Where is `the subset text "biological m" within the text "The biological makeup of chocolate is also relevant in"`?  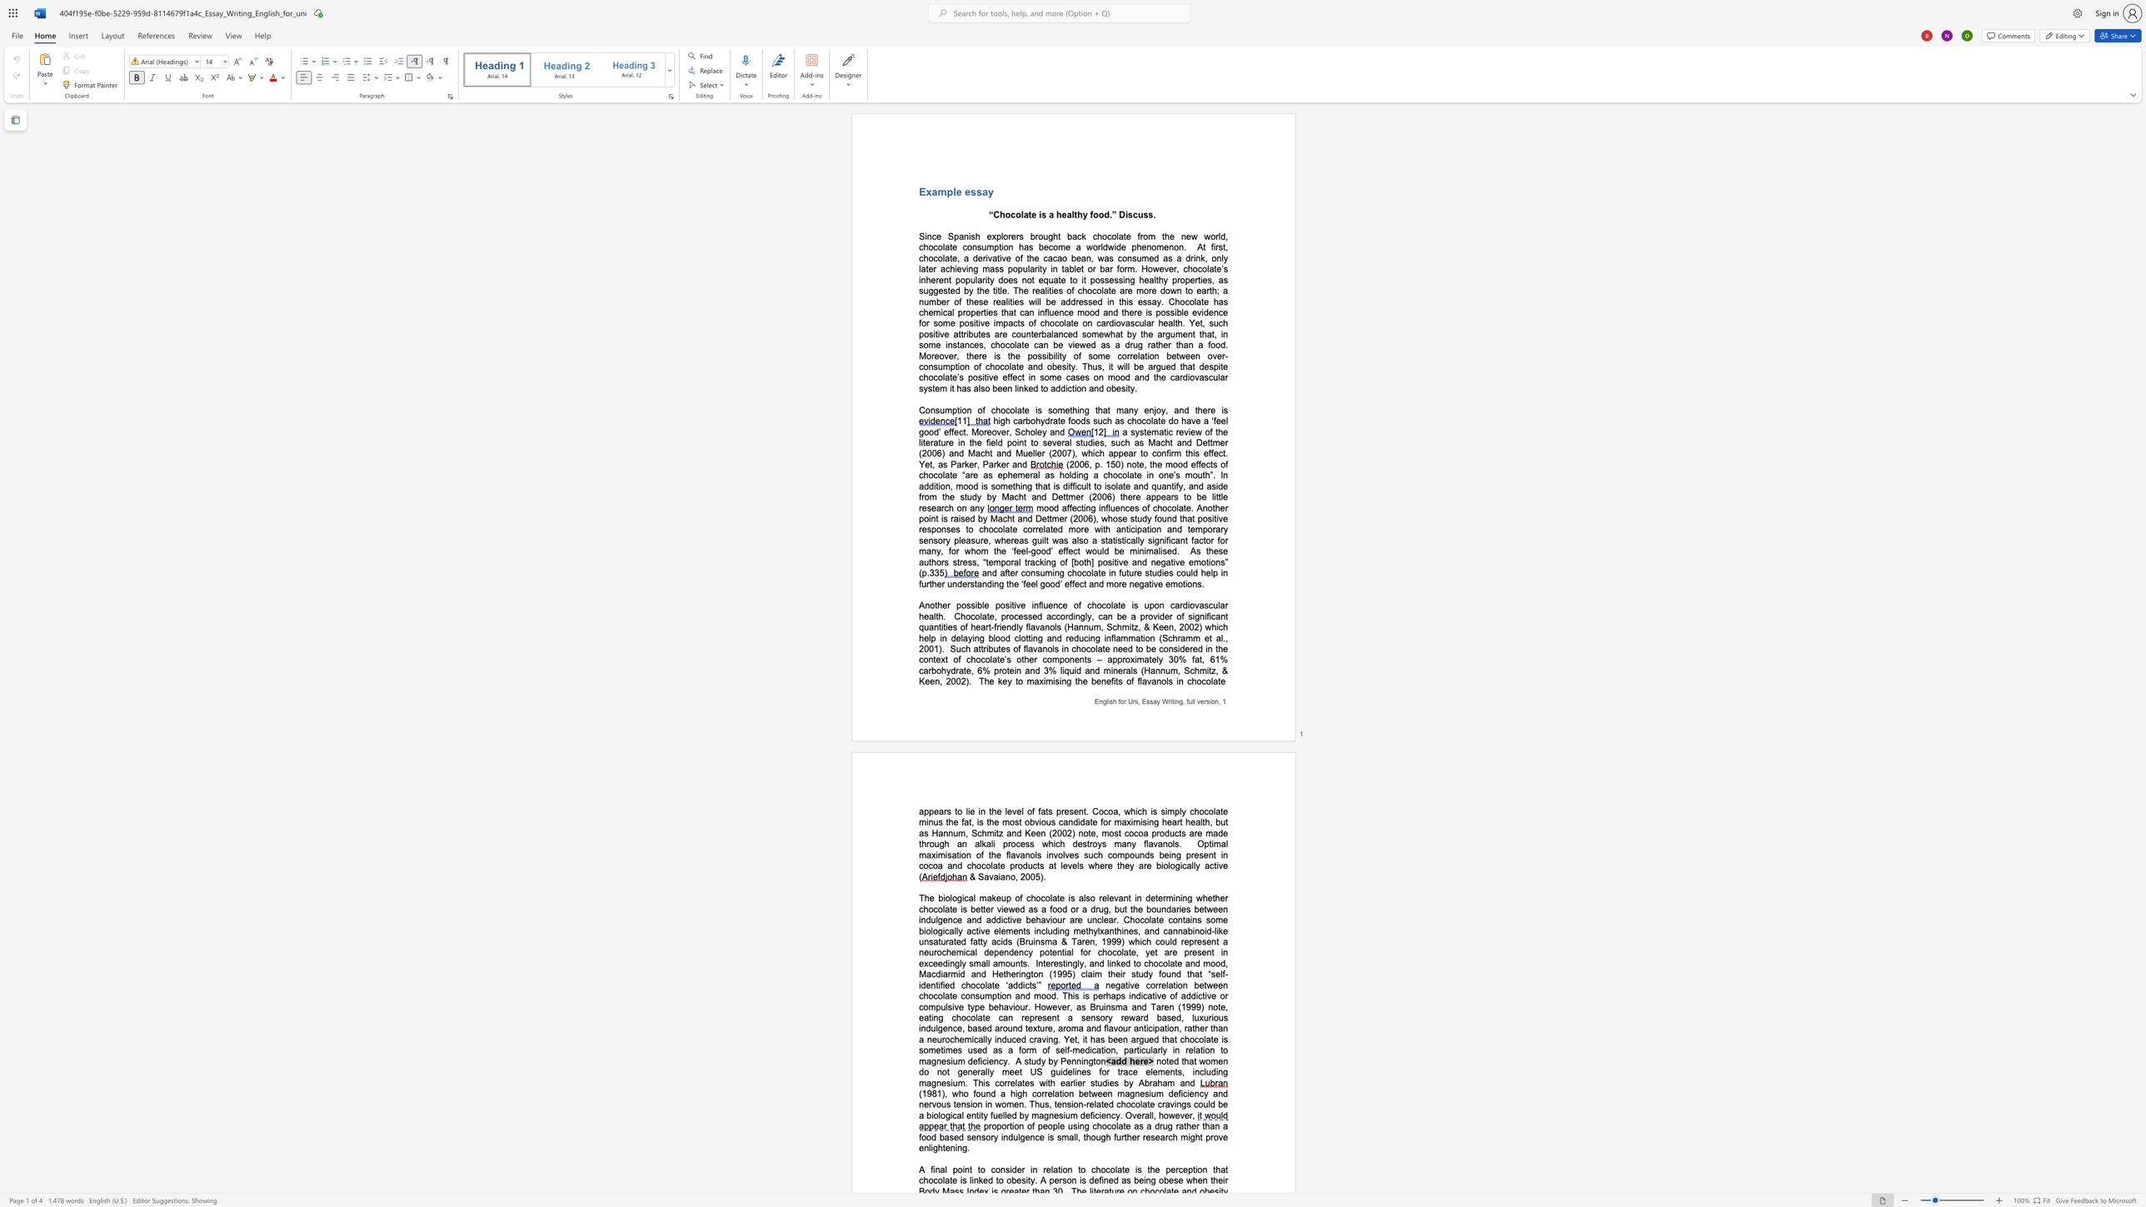 the subset text "biological m" within the text "The biological makeup of chocolate is also relevant in" is located at coordinates (938, 897).